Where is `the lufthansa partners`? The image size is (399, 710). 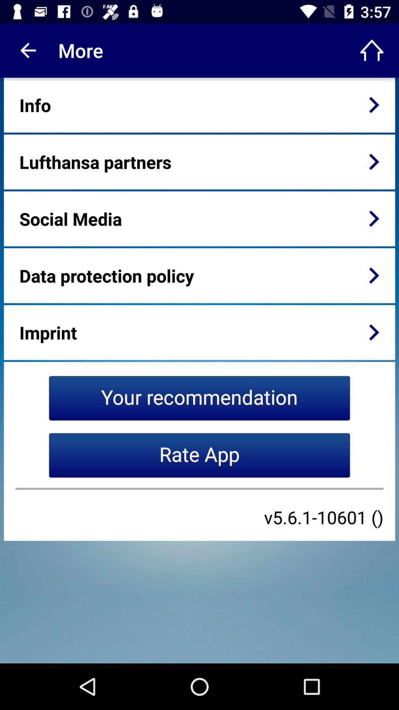 the lufthansa partners is located at coordinates (95, 161).